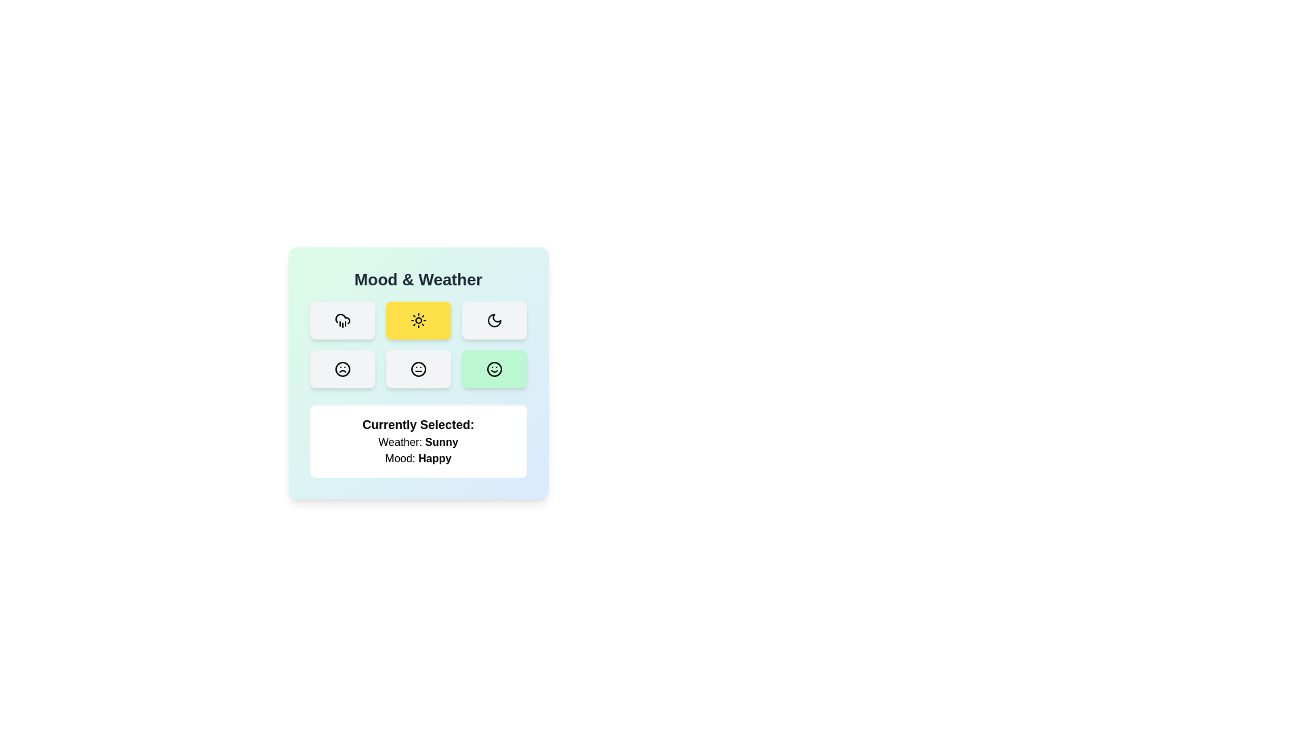 The height and width of the screenshot is (732, 1301). I want to click on the rainy weather icon located in the leftmost column of the second row in the 'Mood & Weather' section, so click(342, 319).